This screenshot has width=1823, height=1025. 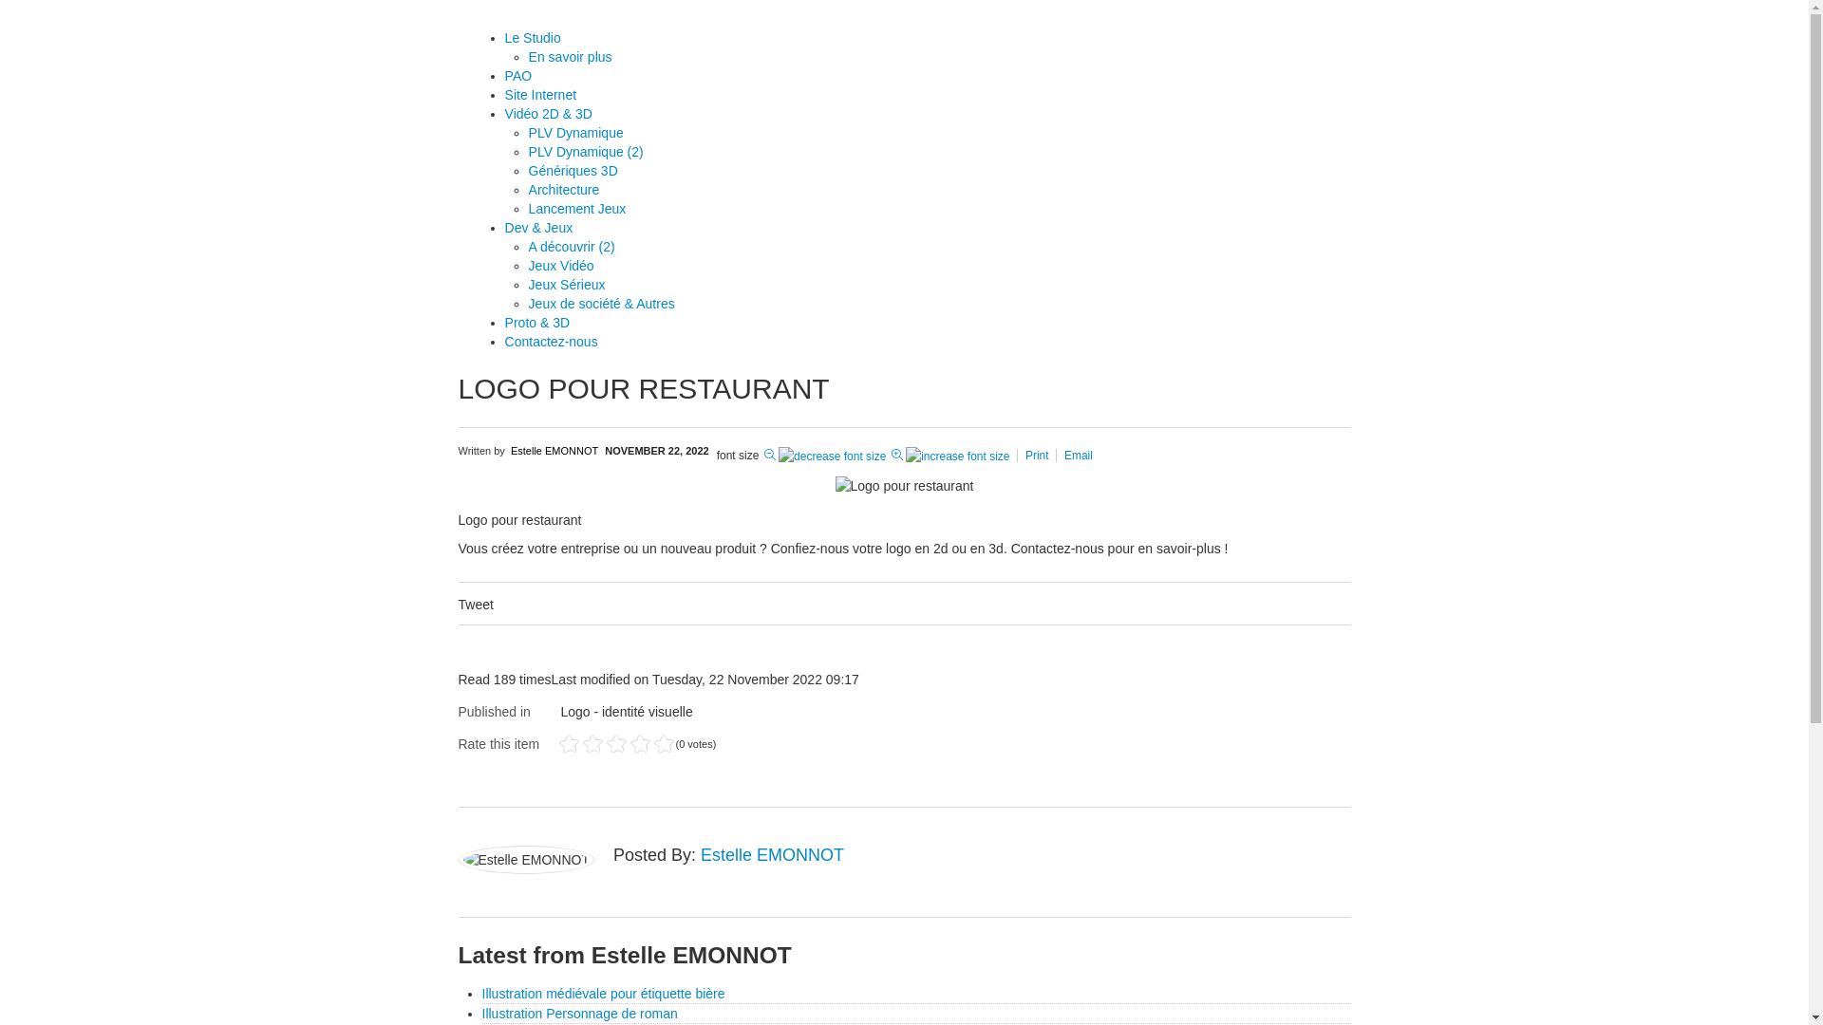 What do you see at coordinates (902, 484) in the screenshot?
I see `'Click to preview image'` at bounding box center [902, 484].